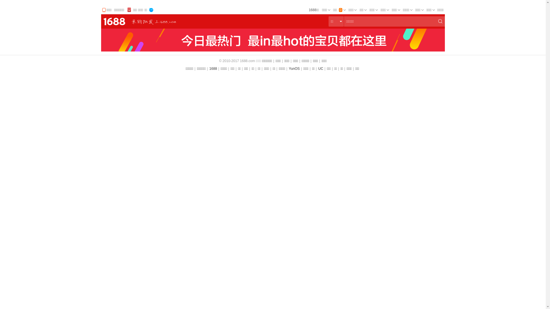 The width and height of the screenshot is (550, 309). Describe the element at coordinates (213, 68) in the screenshot. I see `'1688'` at that location.